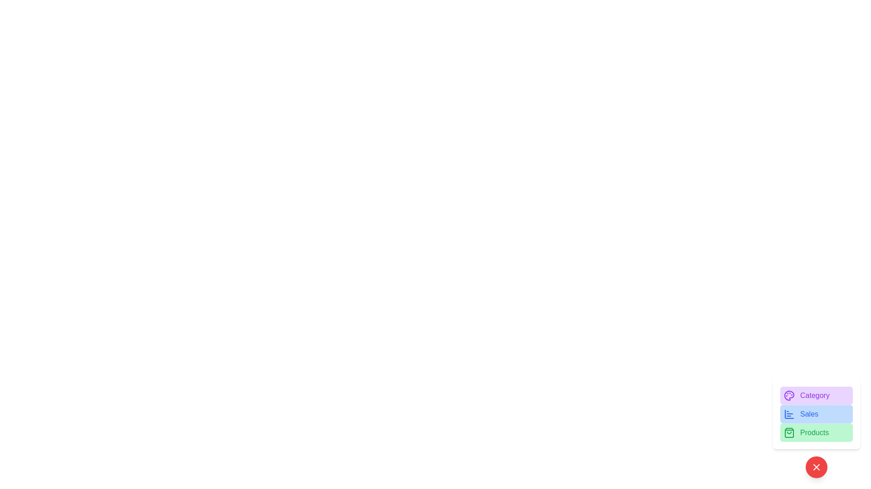 Image resolution: width=871 pixels, height=489 pixels. I want to click on the icon of the Products button to display its tooltip, so click(788, 432).